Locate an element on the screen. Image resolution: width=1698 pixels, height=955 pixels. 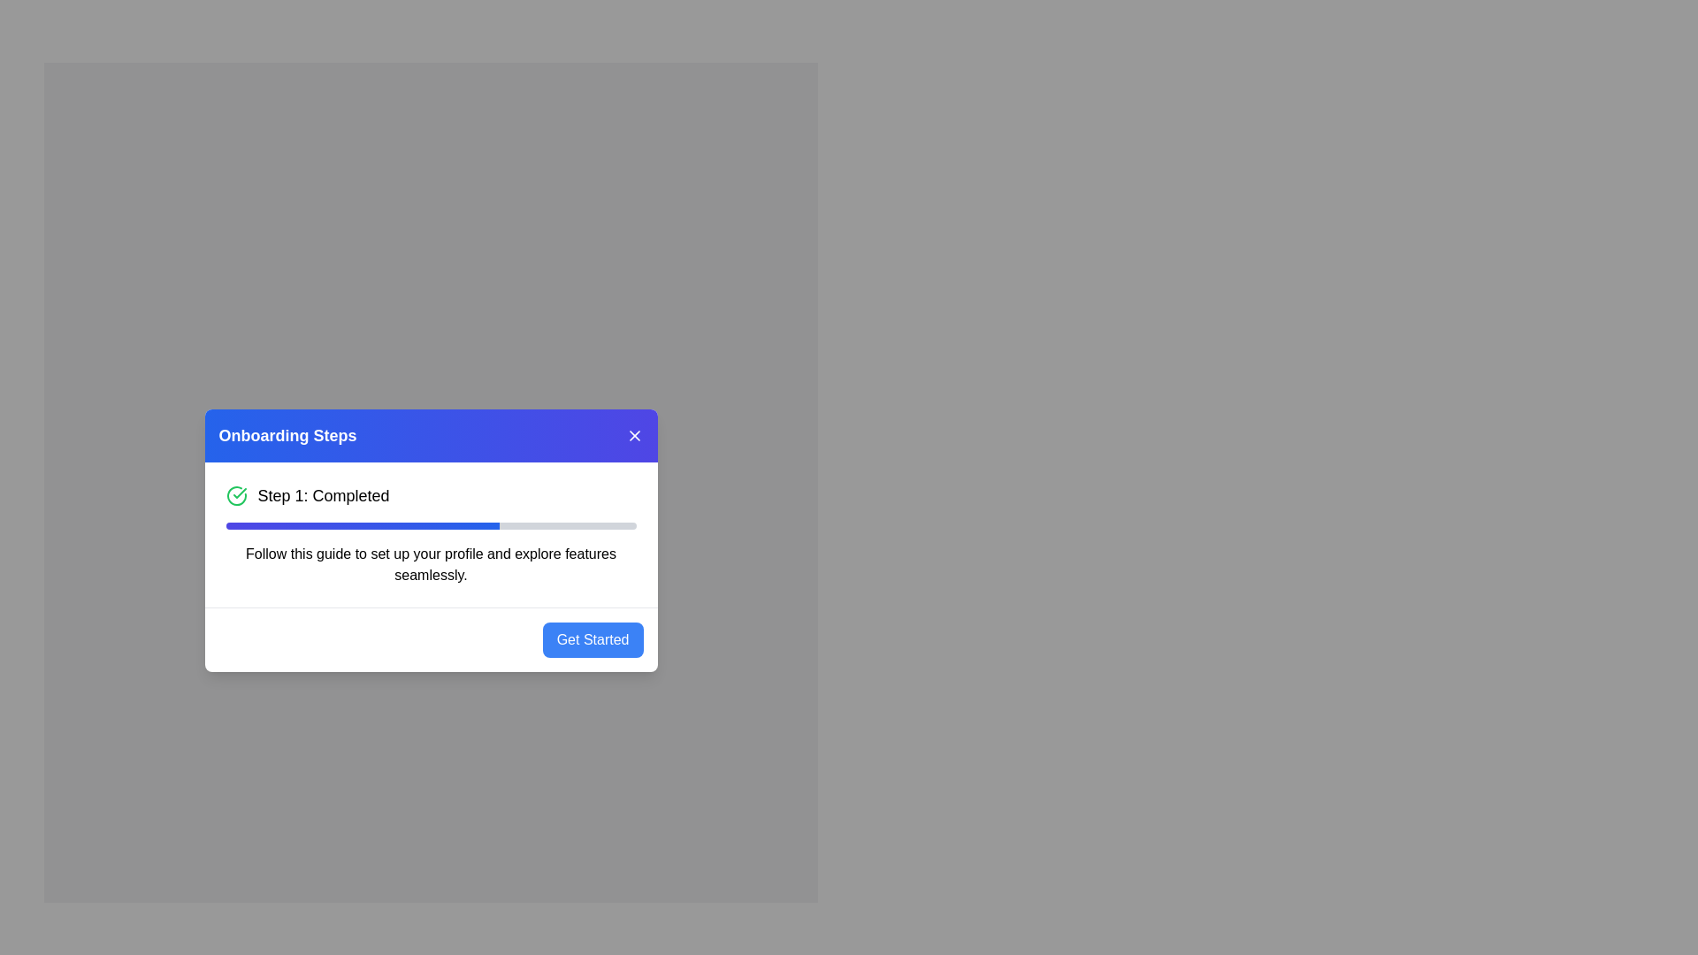
the prominent text header 'Onboarding Steps' is located at coordinates (287, 435).